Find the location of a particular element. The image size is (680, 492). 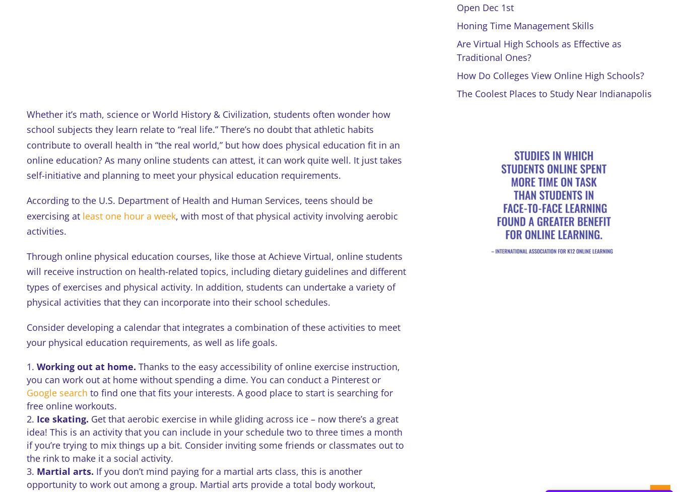

'Ice skating.' is located at coordinates (63, 418).